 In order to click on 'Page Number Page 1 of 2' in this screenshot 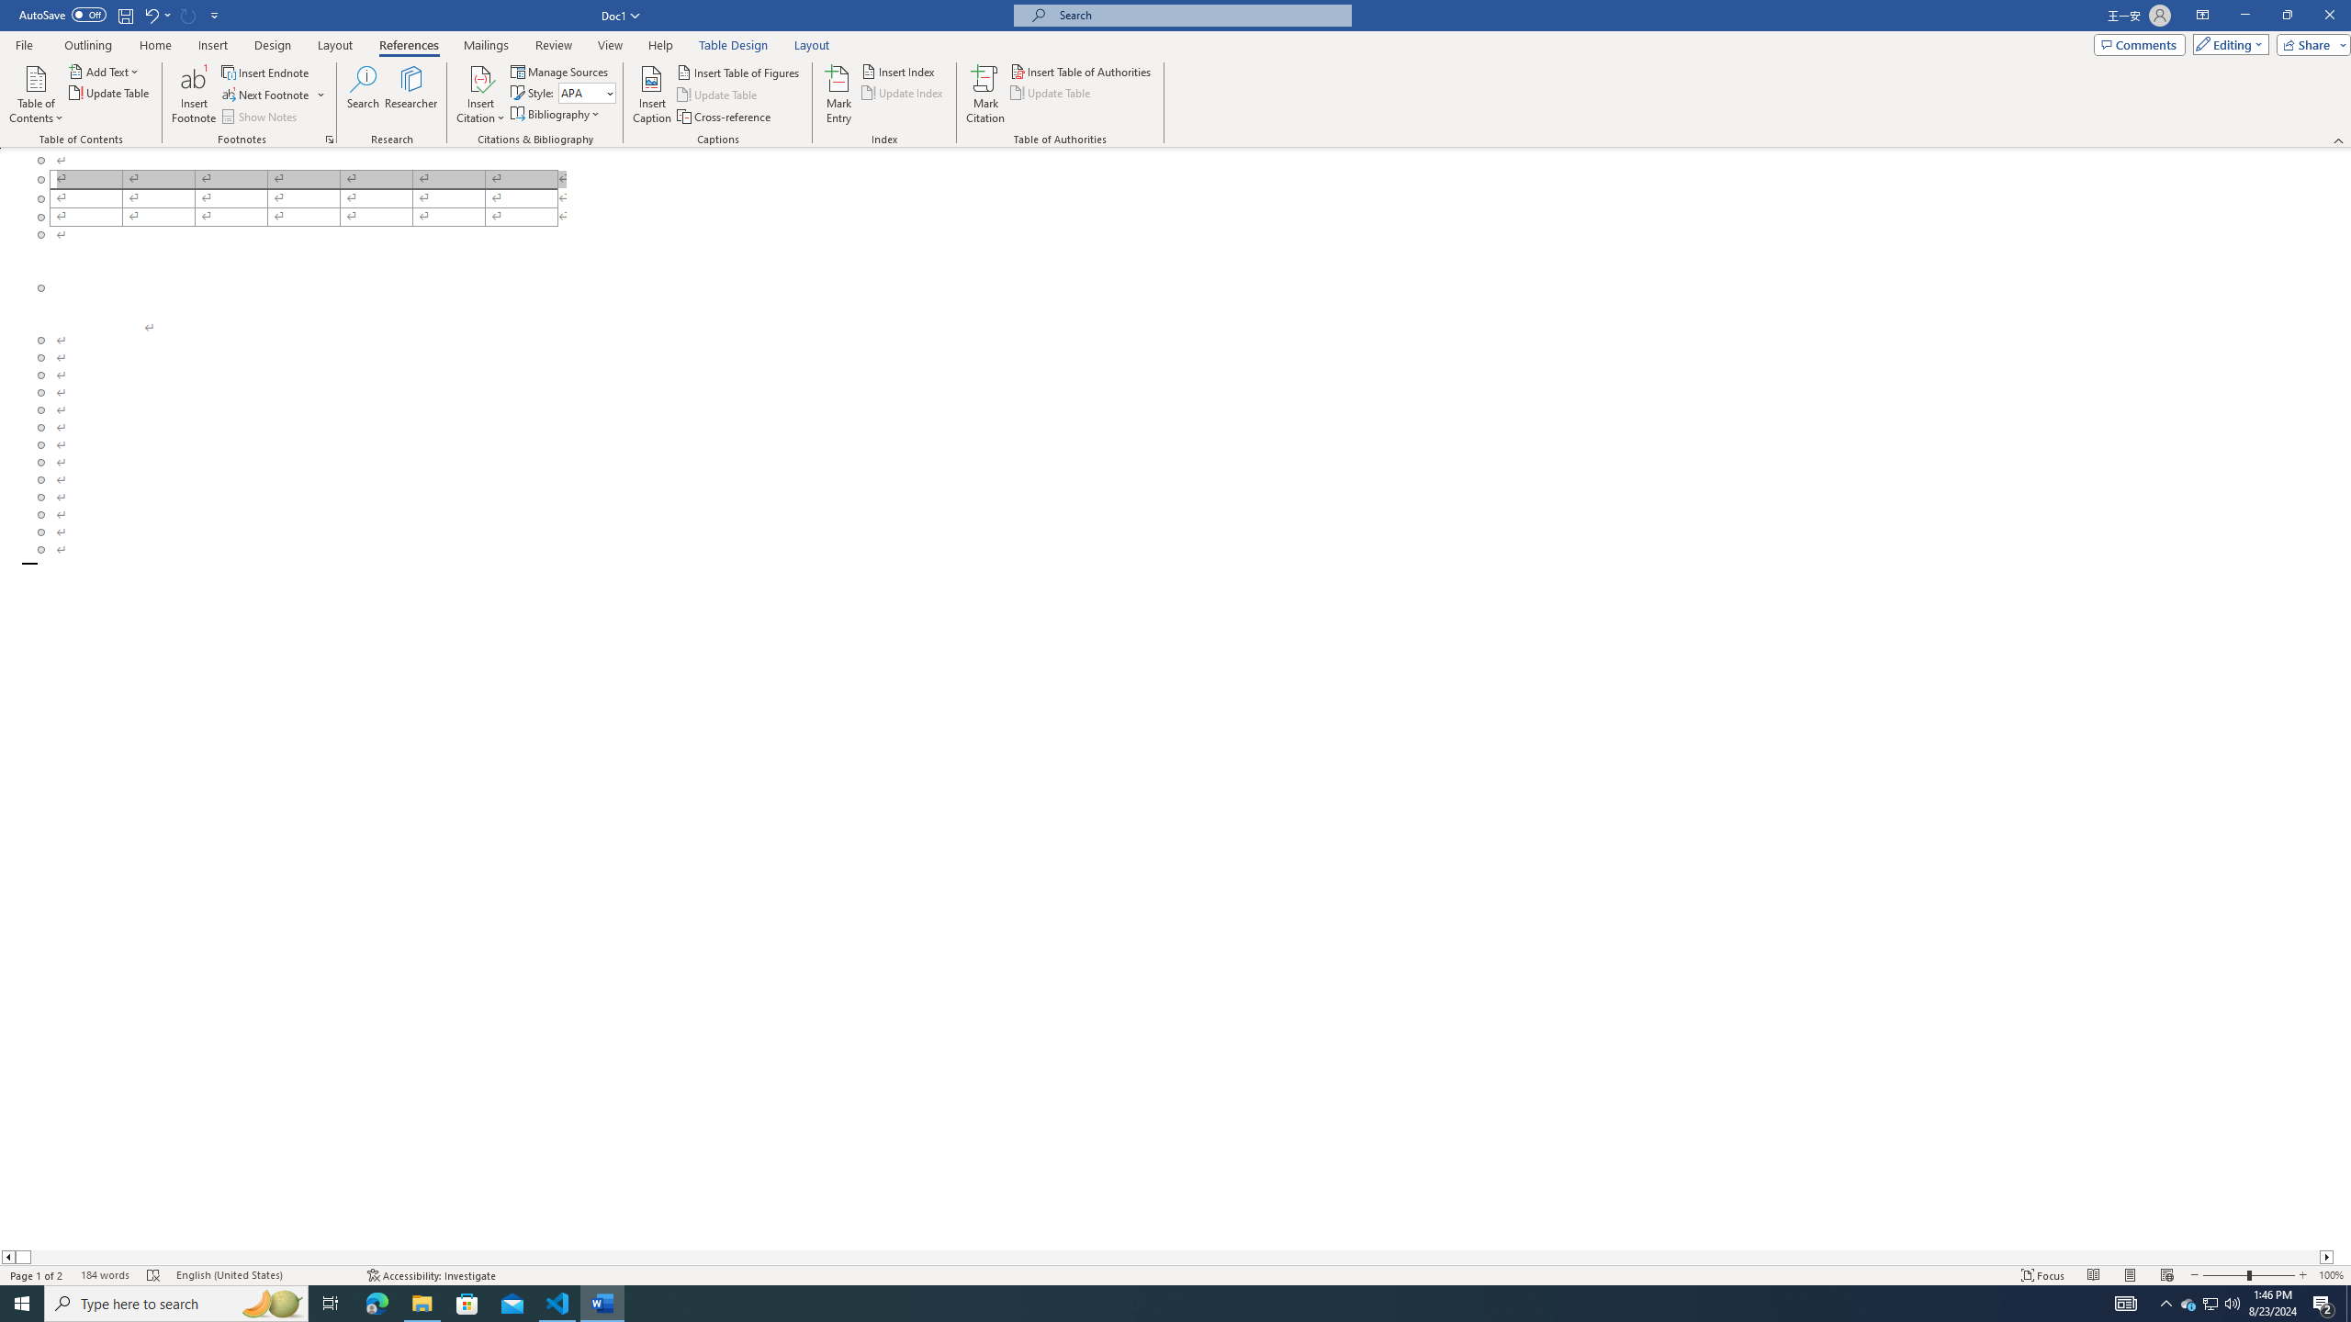, I will do `click(37, 1275)`.